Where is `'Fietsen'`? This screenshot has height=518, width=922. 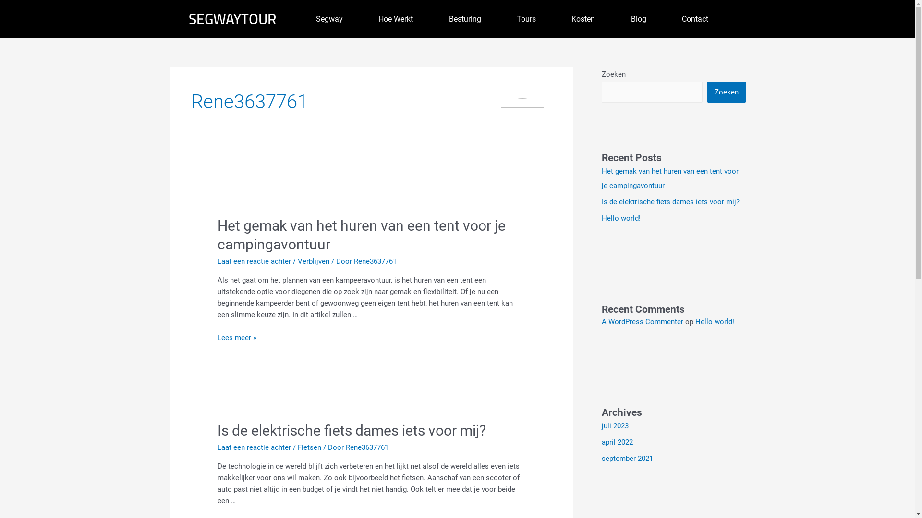
'Fietsen' is located at coordinates (297, 447).